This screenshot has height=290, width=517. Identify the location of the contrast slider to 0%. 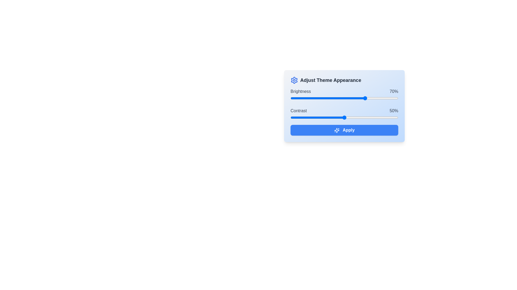
(290, 117).